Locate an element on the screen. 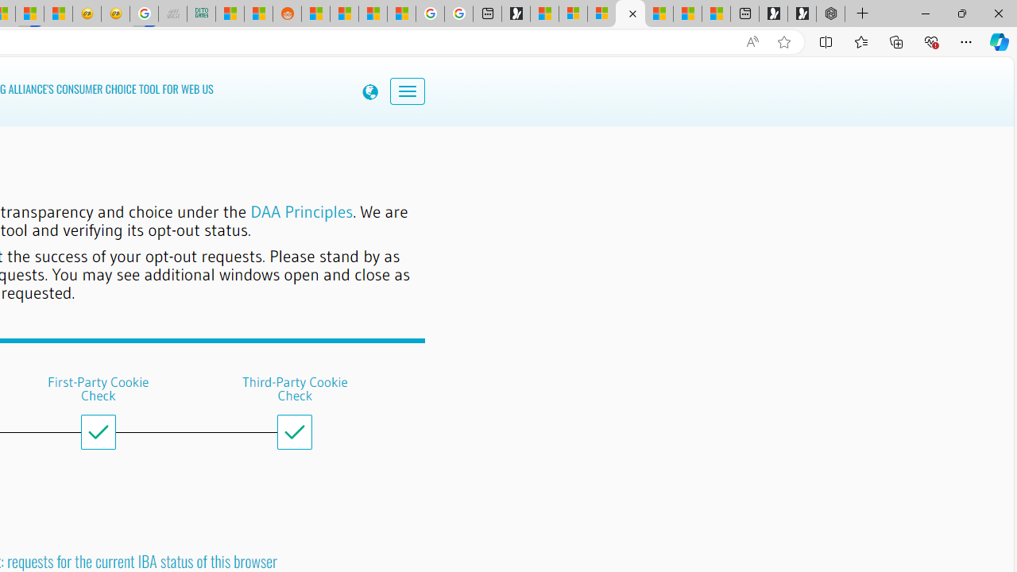  'Toggle navigation' is located at coordinates (408, 91).